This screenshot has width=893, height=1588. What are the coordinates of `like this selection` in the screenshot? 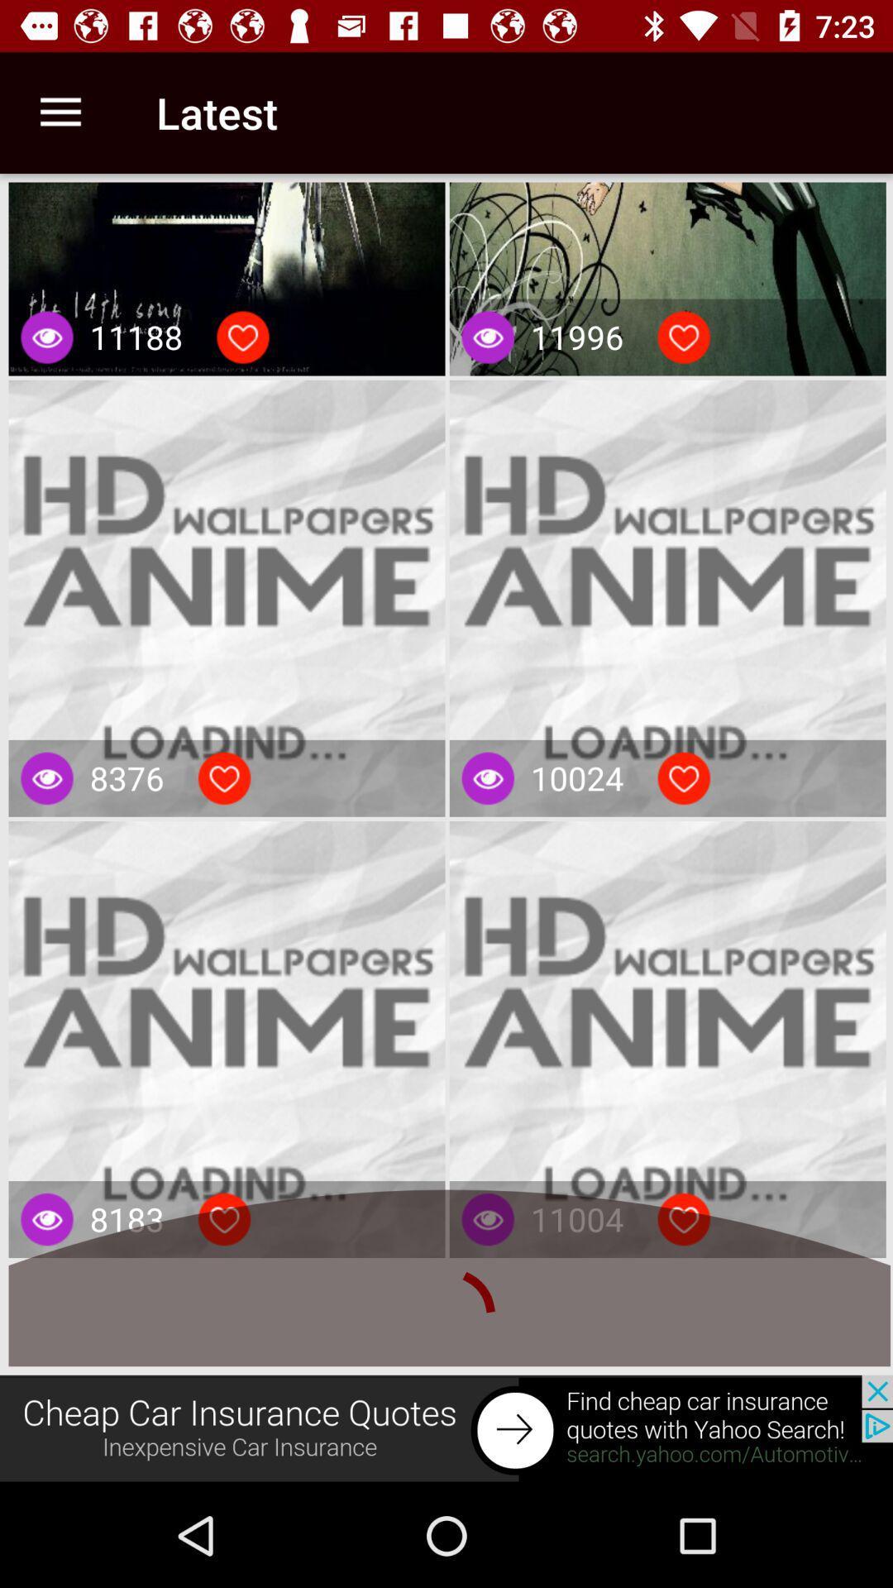 It's located at (684, 337).